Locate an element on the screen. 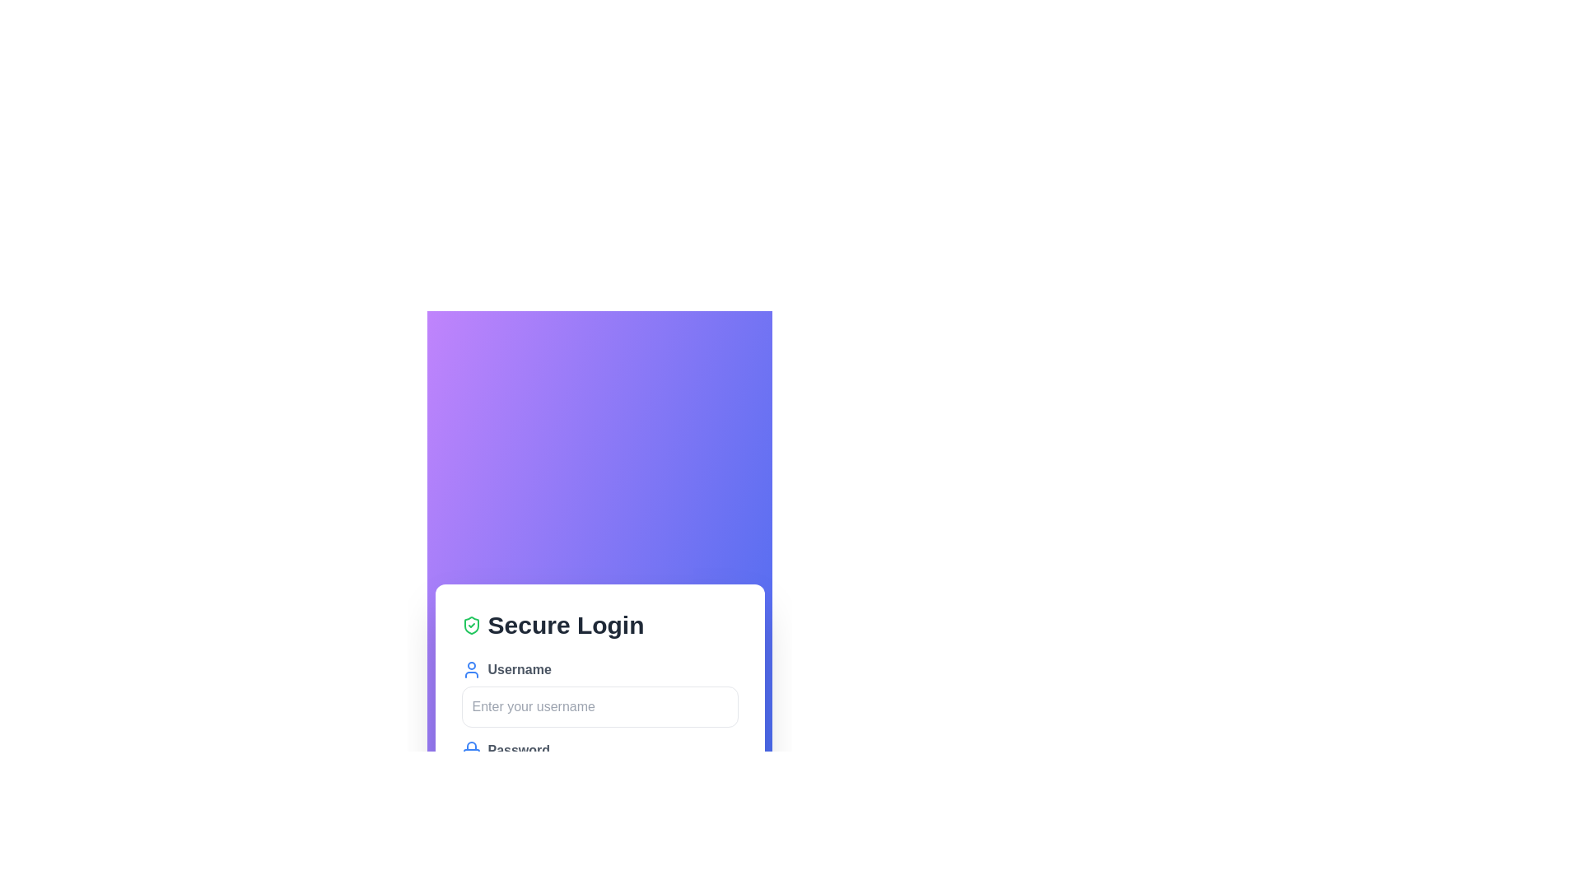 The image size is (1581, 889). the security icon located to the left of the 'Secure Login' text, which serves as a visual indication of security or validation is located at coordinates (470, 625).